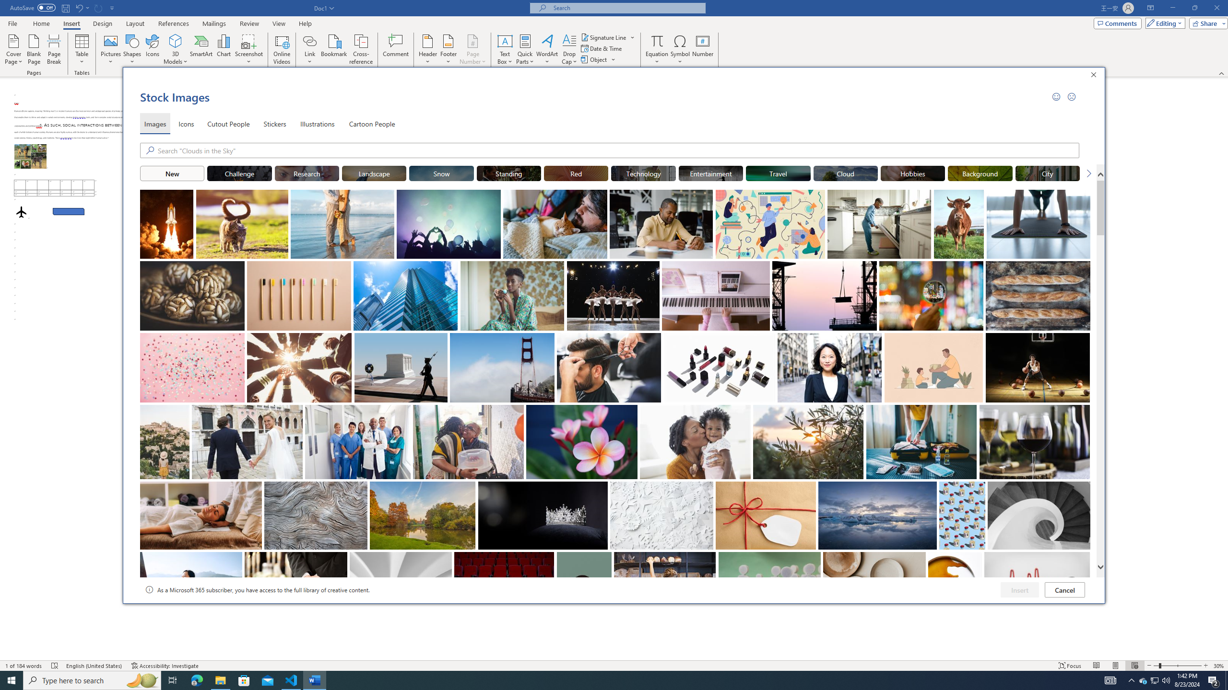 The image size is (1228, 690). Describe the element at coordinates (33, 7) in the screenshot. I see `'AutoSave'` at that location.